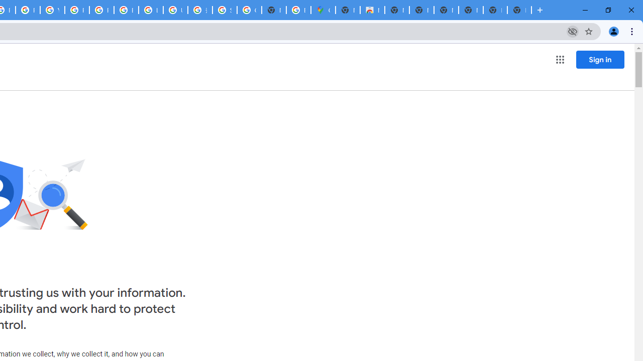 This screenshot has width=643, height=361. What do you see at coordinates (519, 10) in the screenshot?
I see `'New Tab'` at bounding box center [519, 10].